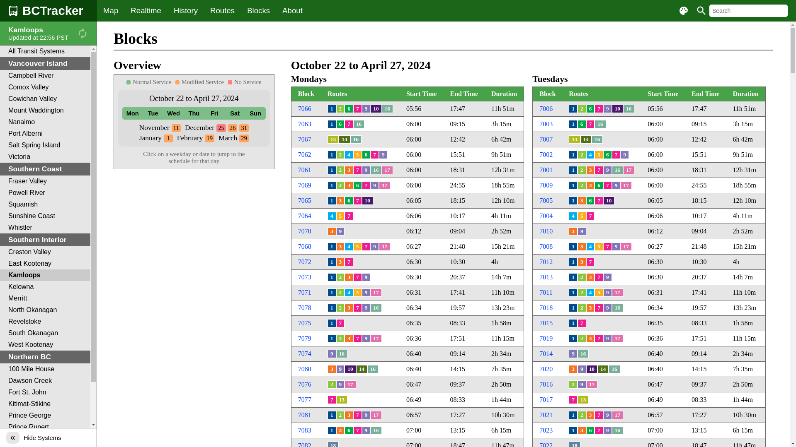 This screenshot has height=447, width=796. Describe the element at coordinates (599, 170) in the screenshot. I see `'7'` at that location.